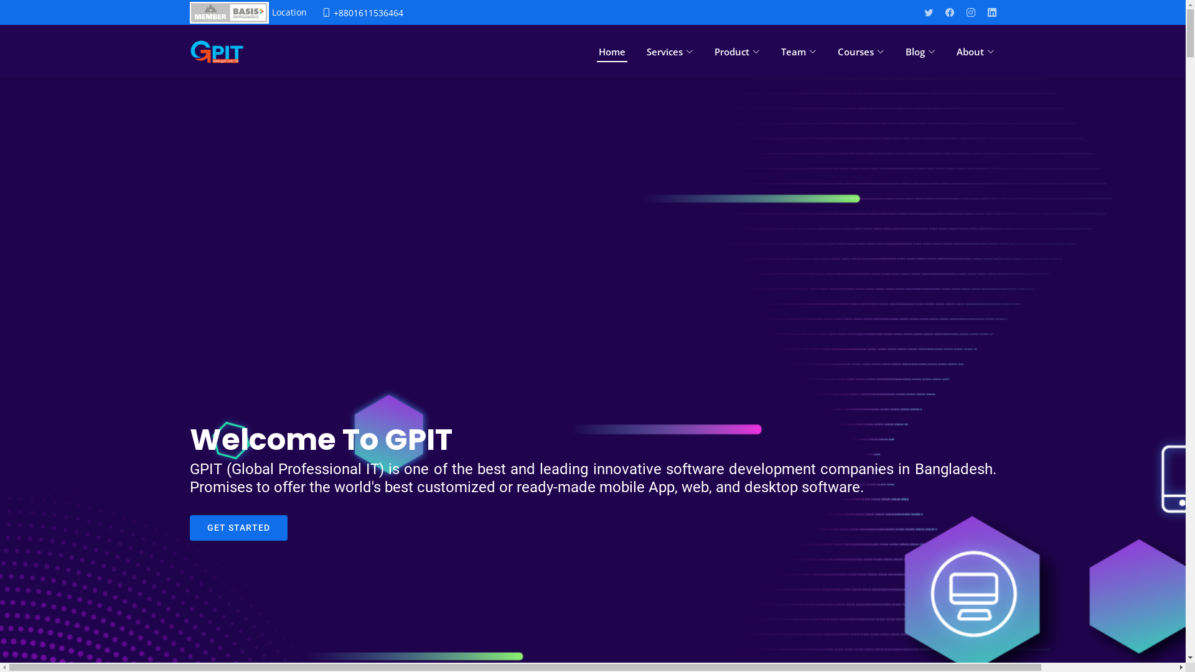 The height and width of the screenshot is (672, 1195). What do you see at coordinates (238, 528) in the screenshot?
I see `'GET STARTED'` at bounding box center [238, 528].